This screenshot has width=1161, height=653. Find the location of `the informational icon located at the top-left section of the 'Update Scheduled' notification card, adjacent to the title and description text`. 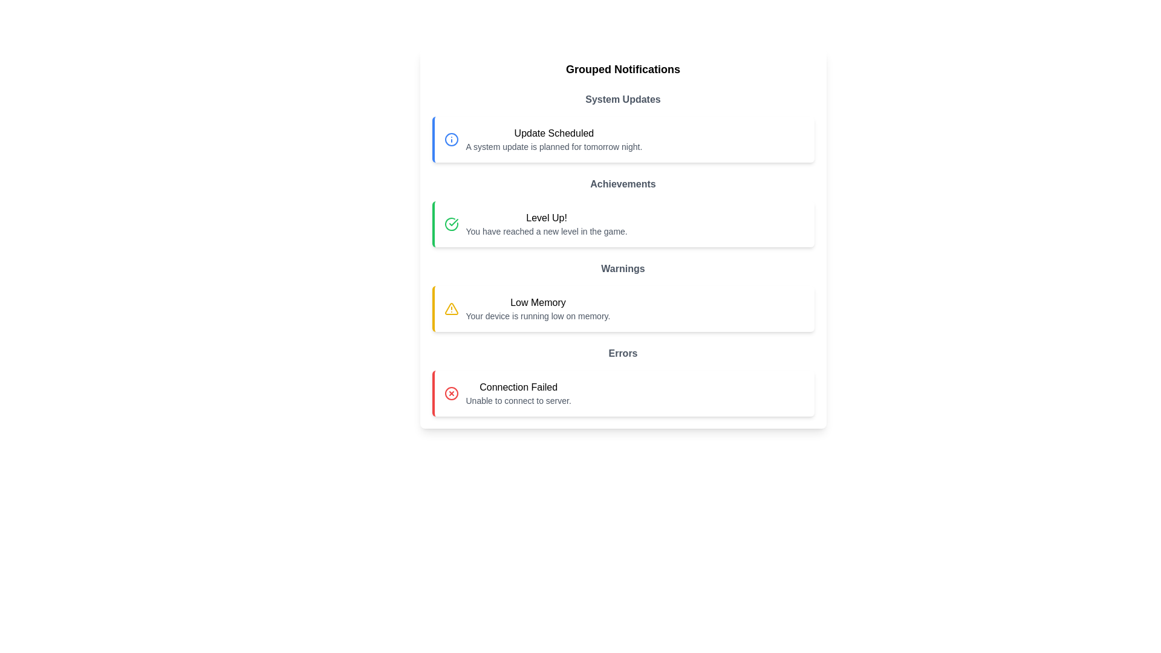

the informational icon located at the top-left section of the 'Update Scheduled' notification card, adjacent to the title and description text is located at coordinates (450, 139).